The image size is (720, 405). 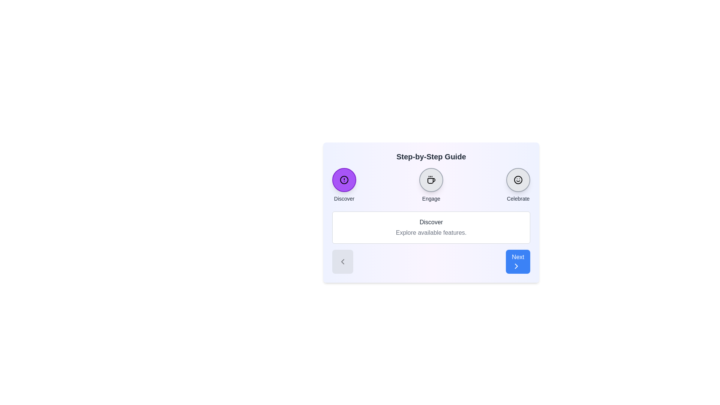 I want to click on the static text label displaying 'Discover', which is styled with a medium font weight and grayish black color, positioned above the text 'Explore available features', so click(x=431, y=222).